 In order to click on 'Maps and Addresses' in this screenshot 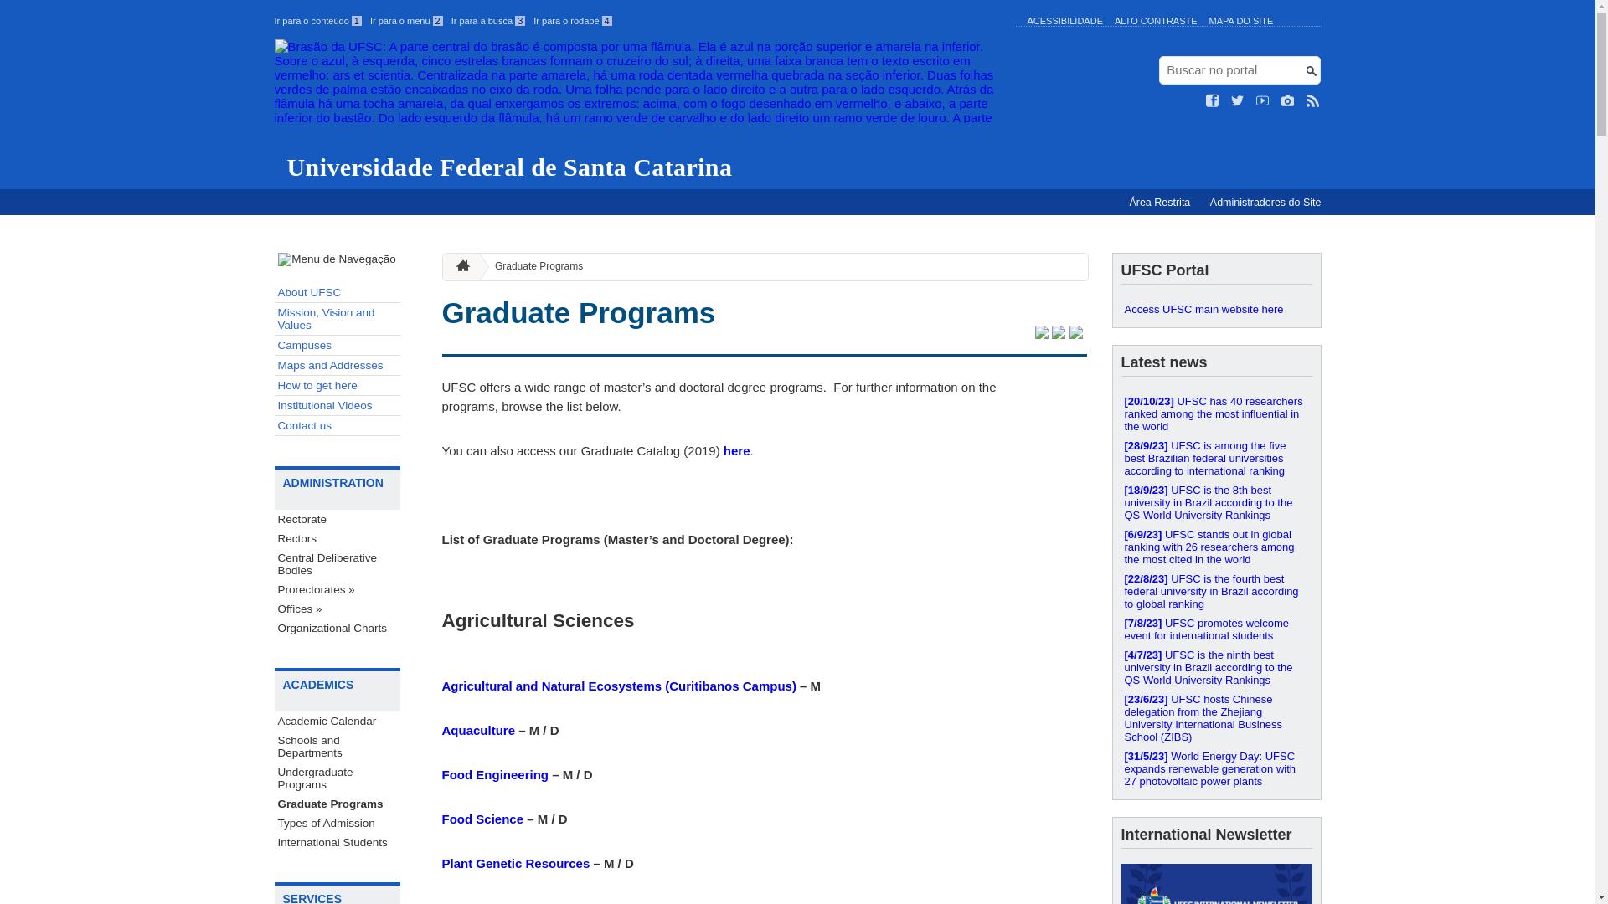, I will do `click(337, 364)`.